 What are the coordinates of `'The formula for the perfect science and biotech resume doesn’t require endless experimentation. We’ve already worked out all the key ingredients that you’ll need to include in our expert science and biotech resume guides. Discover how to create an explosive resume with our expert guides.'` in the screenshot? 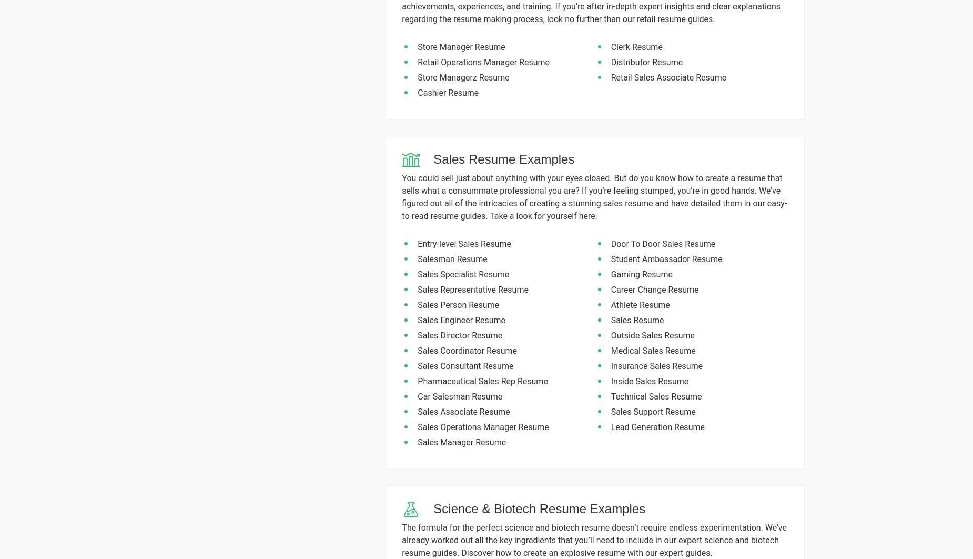 It's located at (593, 540).